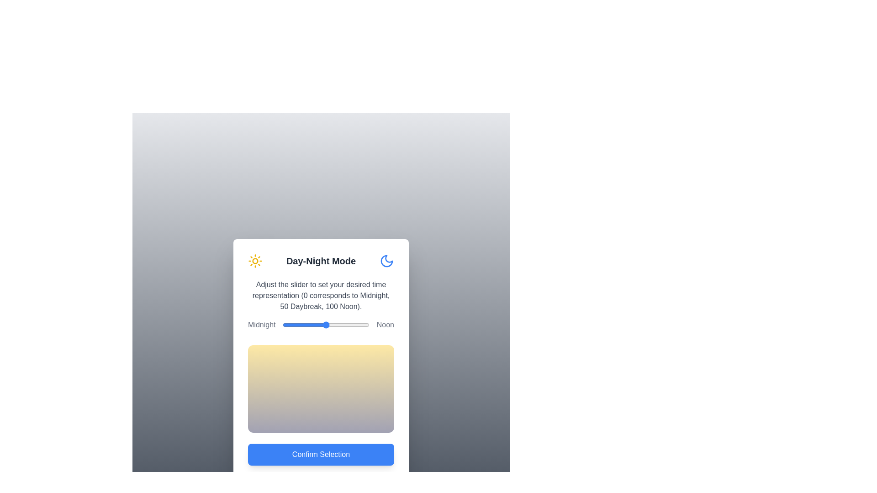 The image size is (877, 493). I want to click on the slider to set the time representation to 87, observing the gradient change, so click(358, 325).